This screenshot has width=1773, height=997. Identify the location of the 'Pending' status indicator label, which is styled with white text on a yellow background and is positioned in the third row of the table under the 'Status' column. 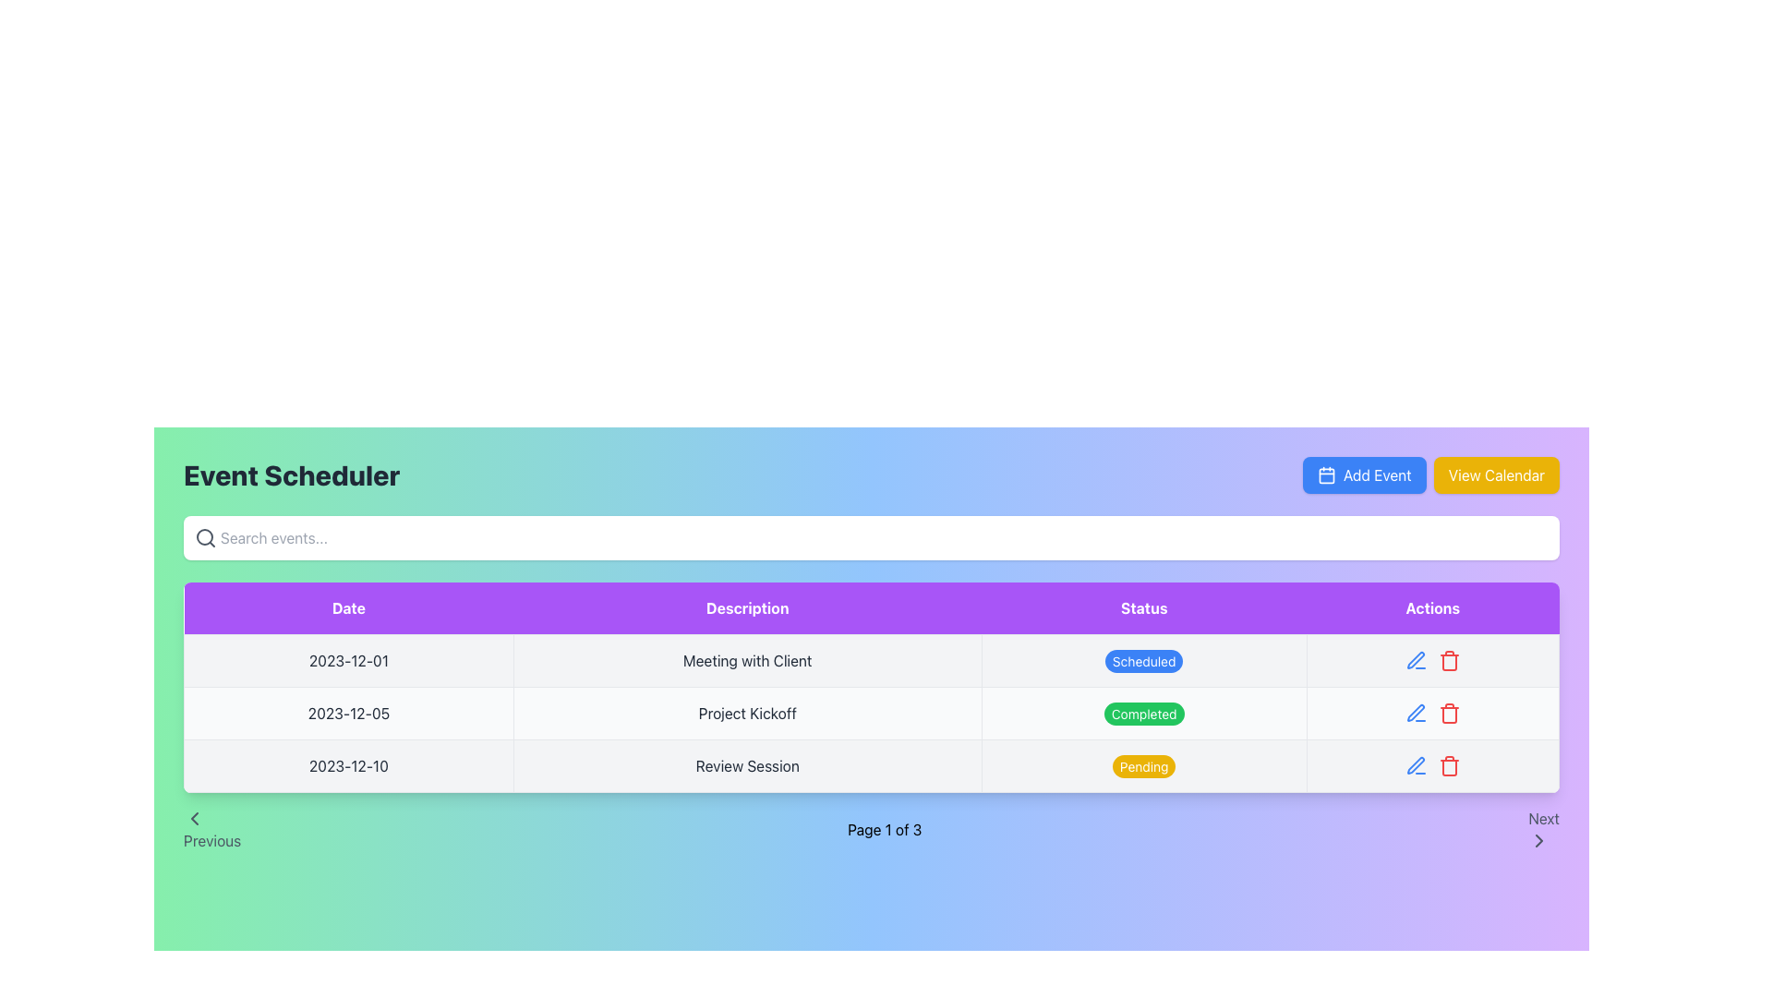
(1143, 766).